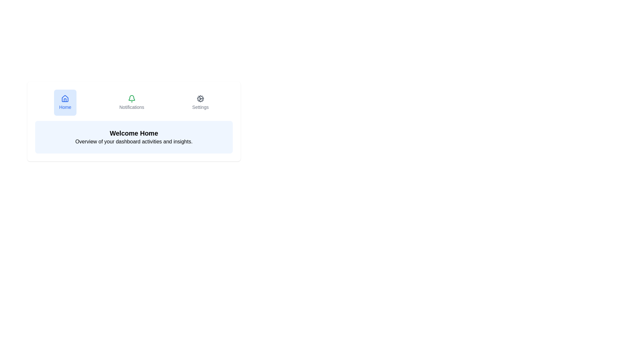 This screenshot has width=625, height=352. What do you see at coordinates (200, 103) in the screenshot?
I see `the tab with the title Settings to view its icon` at bounding box center [200, 103].